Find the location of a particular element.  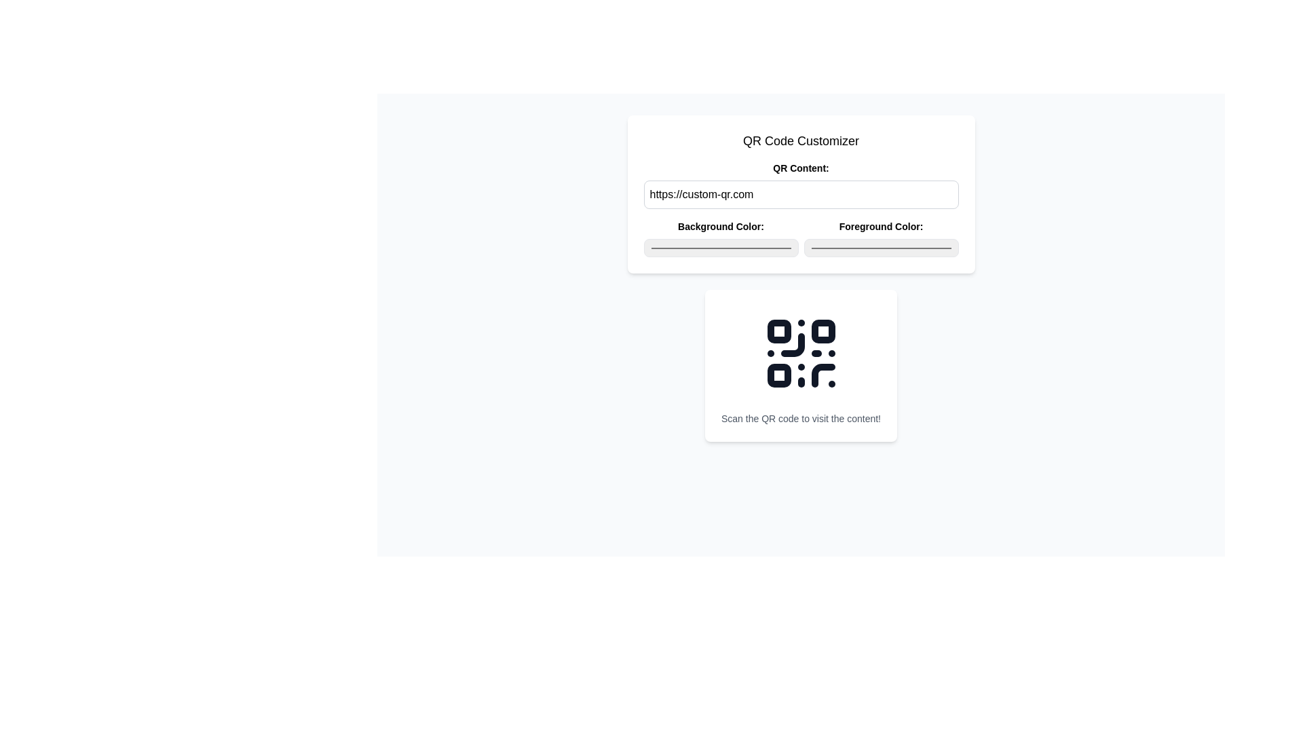

the foreground color value by sliding is located at coordinates (842, 248).